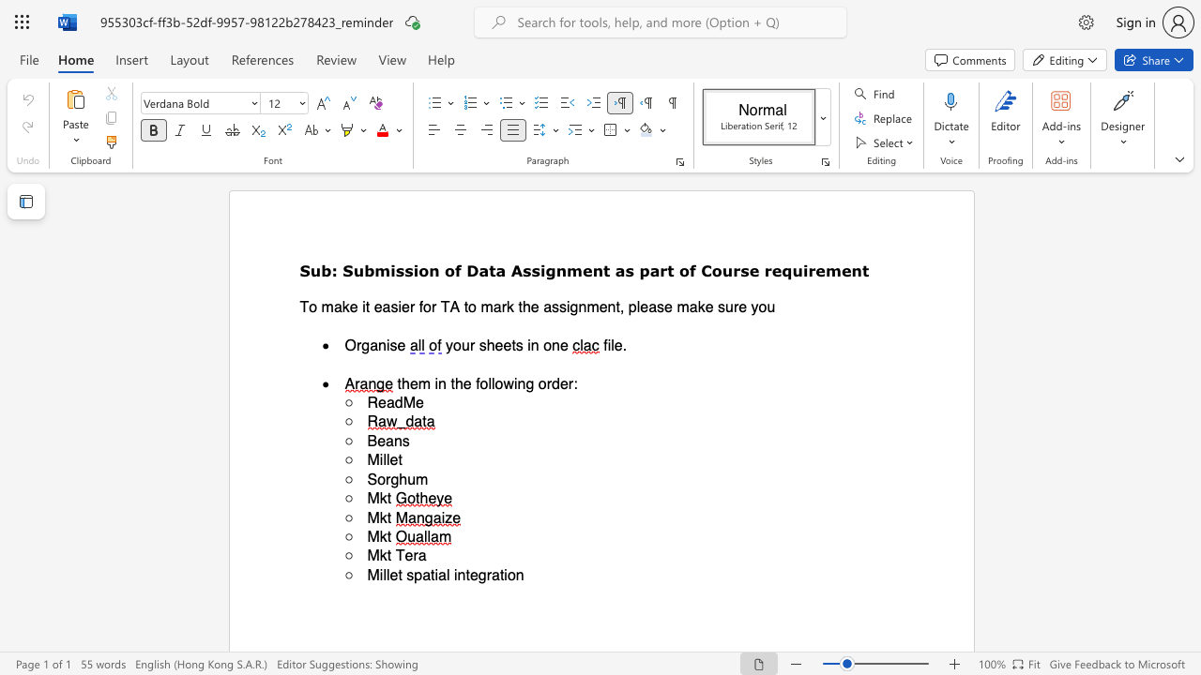 Image resolution: width=1201 pixels, height=675 pixels. Describe the element at coordinates (369, 270) in the screenshot. I see `the 2th character "b" in the text` at that location.